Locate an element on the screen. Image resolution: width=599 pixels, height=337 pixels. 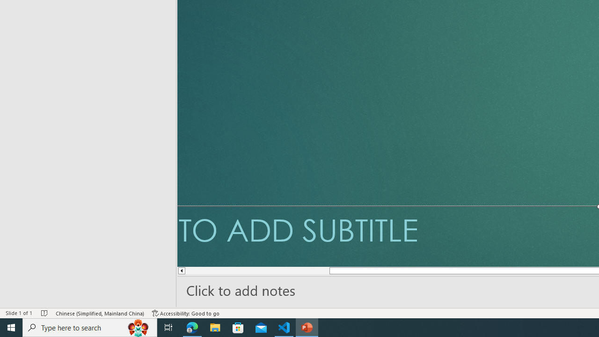
'Spell Check No Errors' is located at coordinates (44, 313).